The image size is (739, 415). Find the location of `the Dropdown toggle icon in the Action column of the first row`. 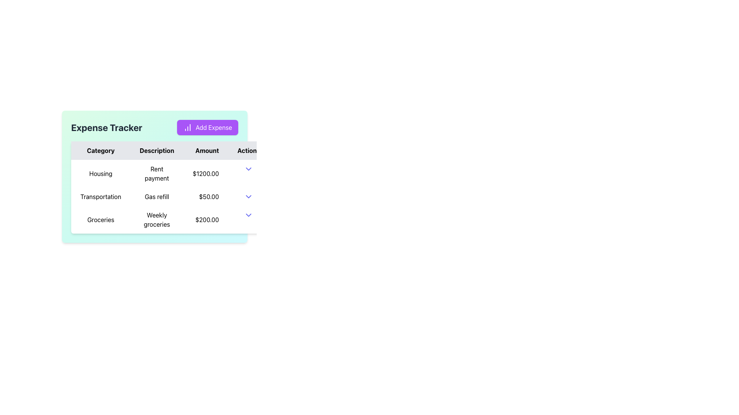

the Dropdown toggle icon in the Action column of the first row is located at coordinates (249, 168).